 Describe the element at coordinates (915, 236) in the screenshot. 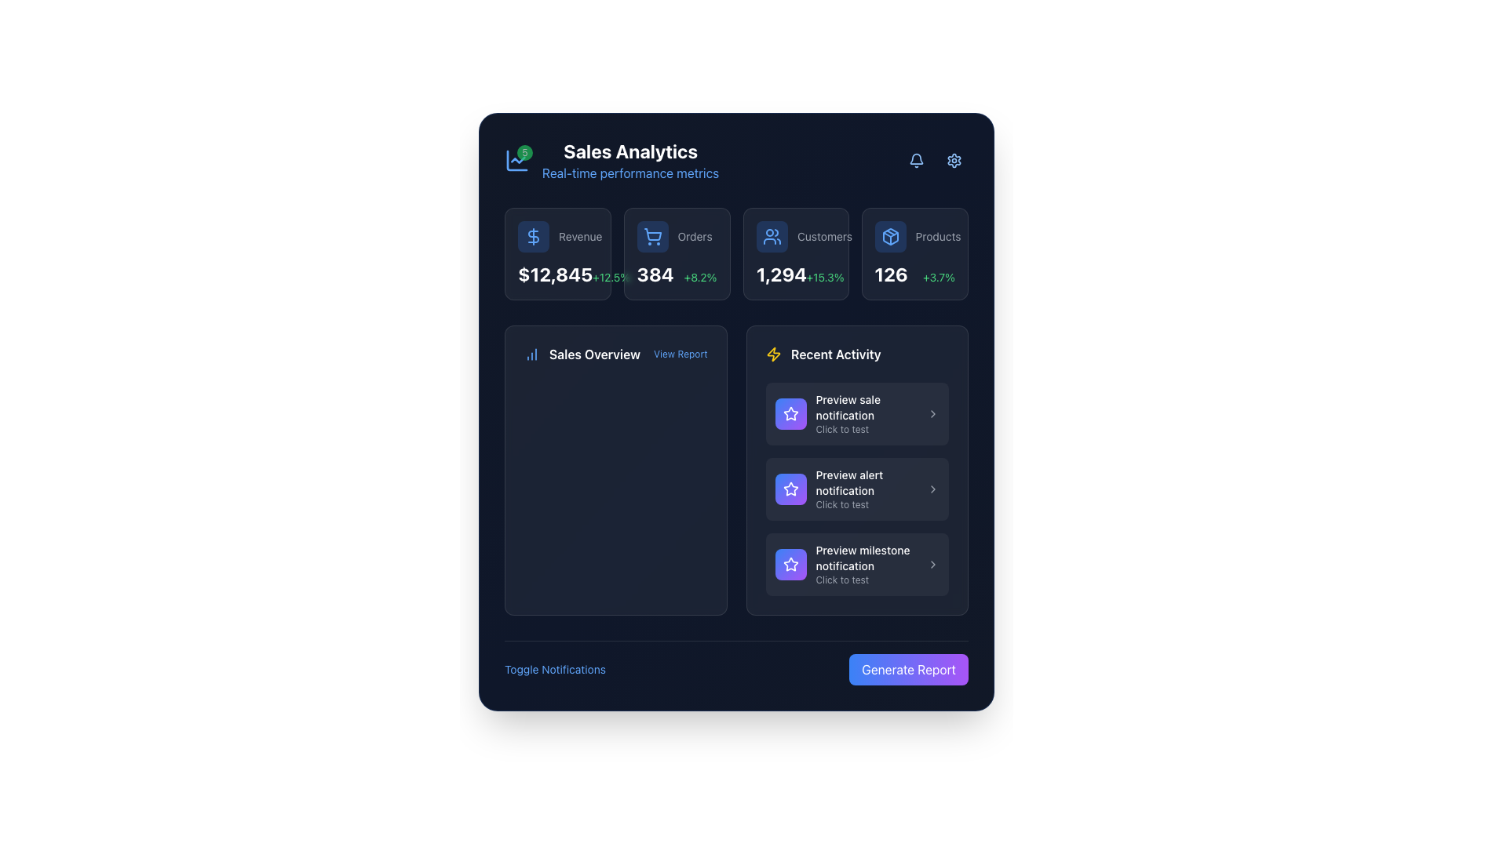

I see `the 'Products' label with icon located at the top-right corner of the dashboard interface, within the statistics card` at that location.